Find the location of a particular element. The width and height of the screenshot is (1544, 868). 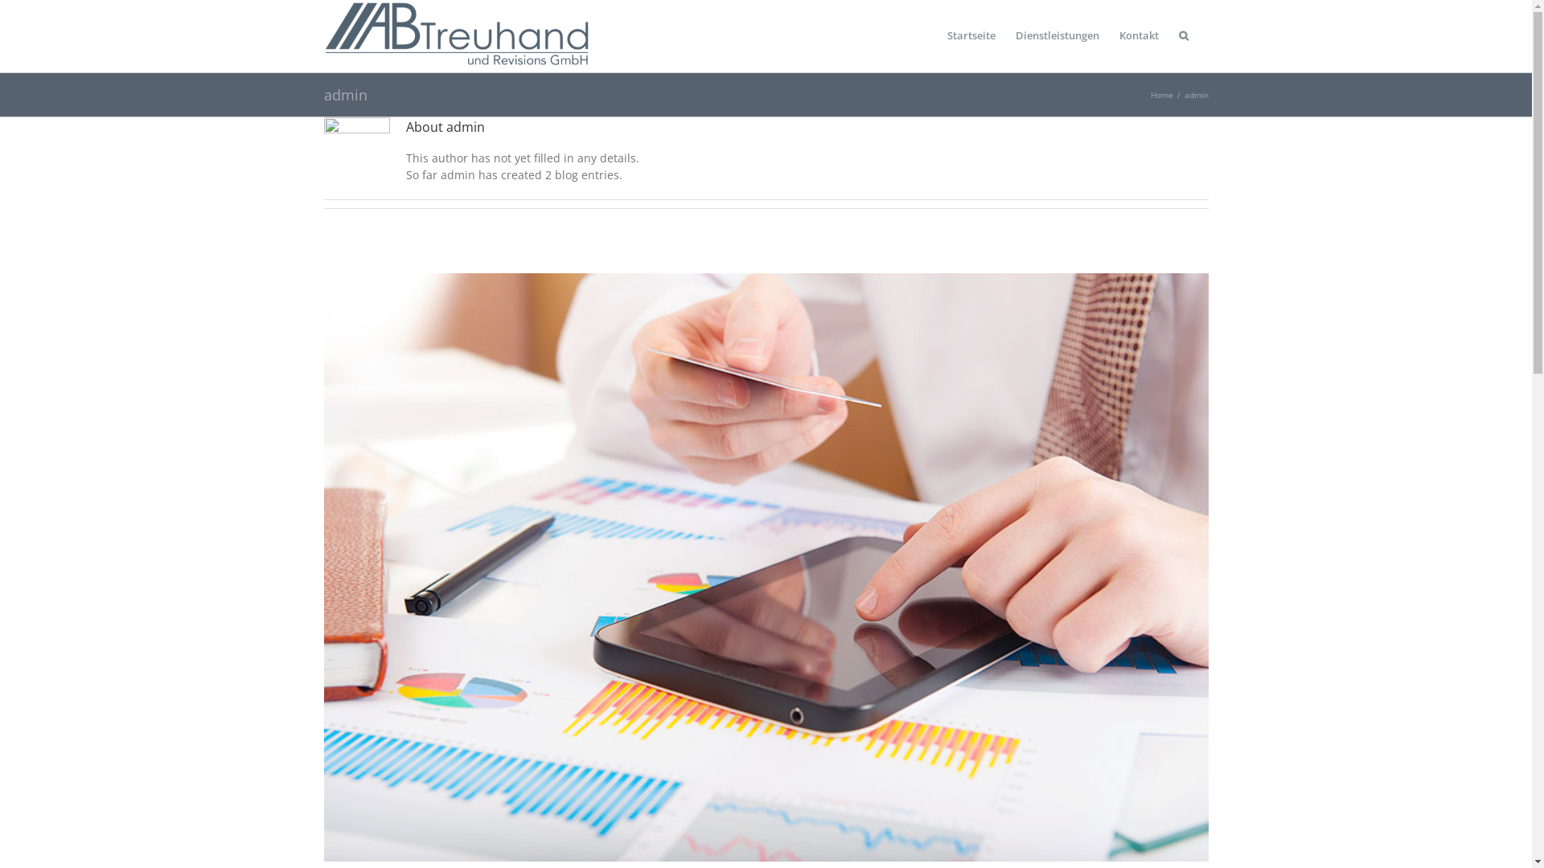

'Search' is located at coordinates (1184, 36).